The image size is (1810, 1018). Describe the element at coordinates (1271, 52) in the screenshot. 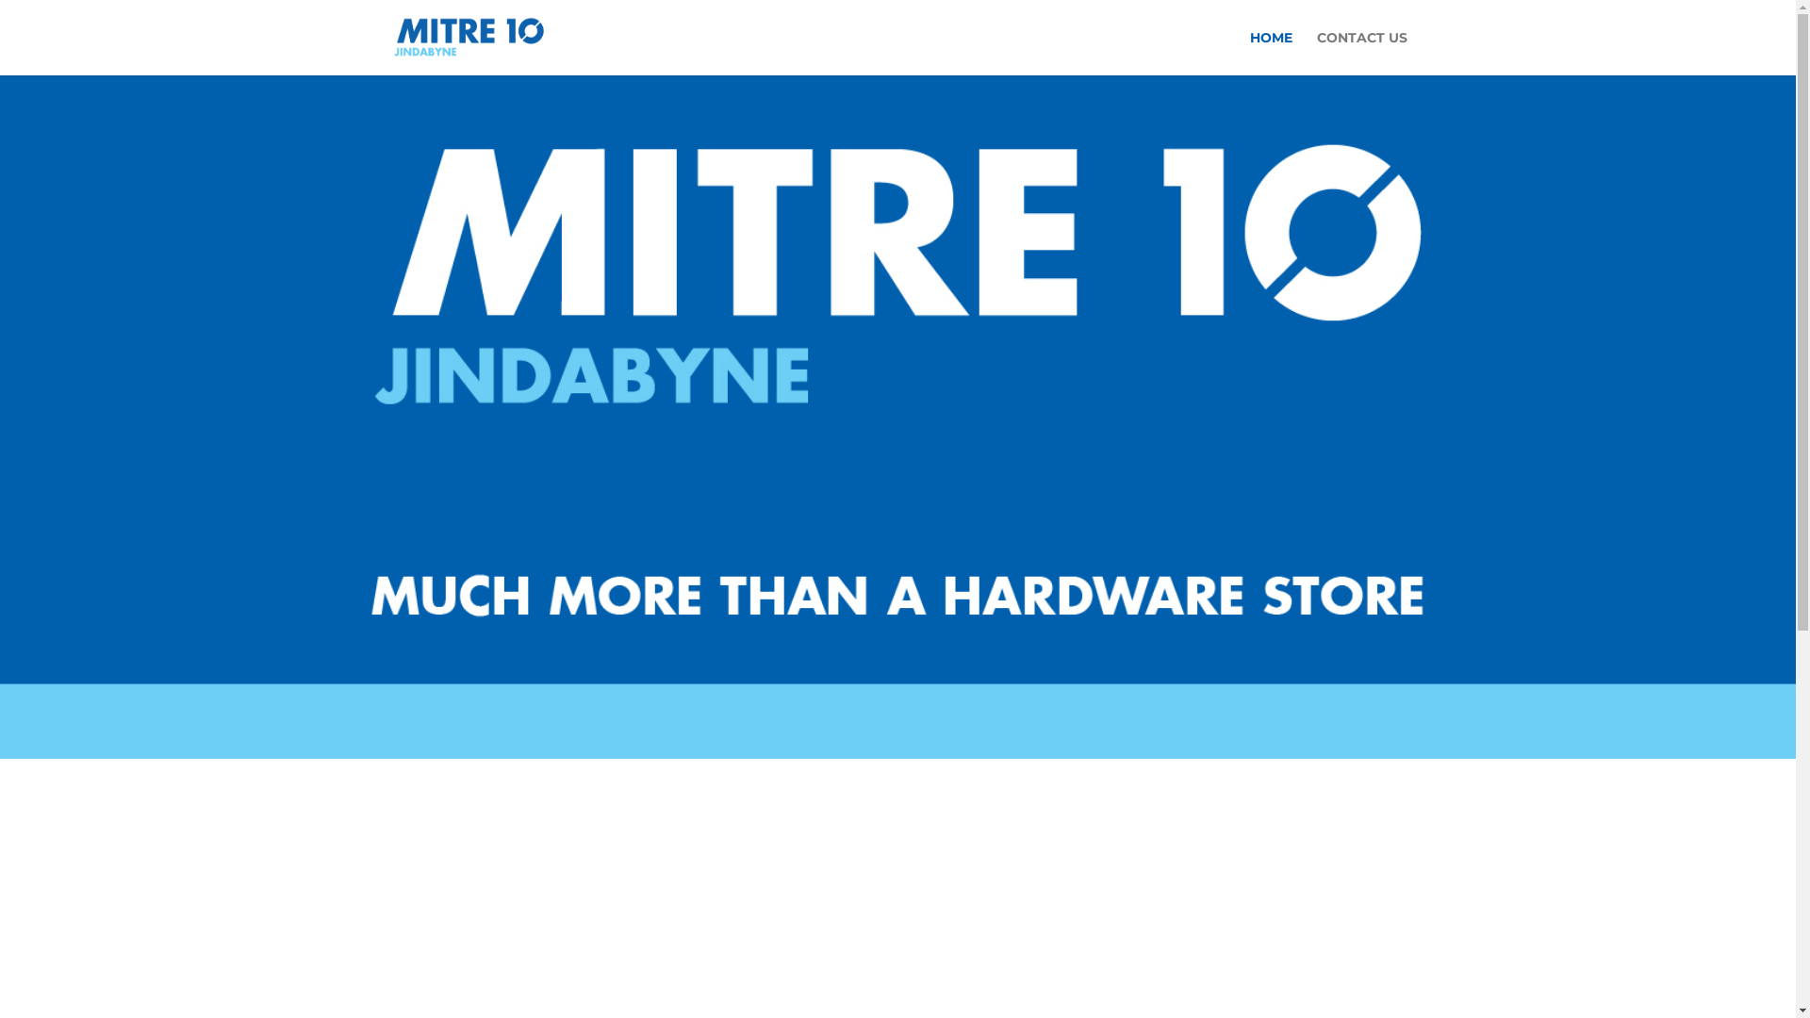

I see `'HOME'` at that location.